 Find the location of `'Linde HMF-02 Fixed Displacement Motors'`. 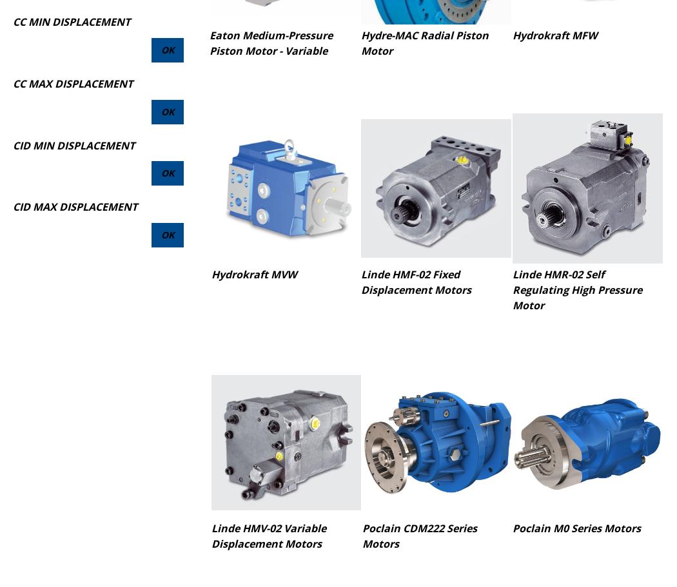

'Linde HMF-02 Fixed Displacement Motors' is located at coordinates (415, 282).